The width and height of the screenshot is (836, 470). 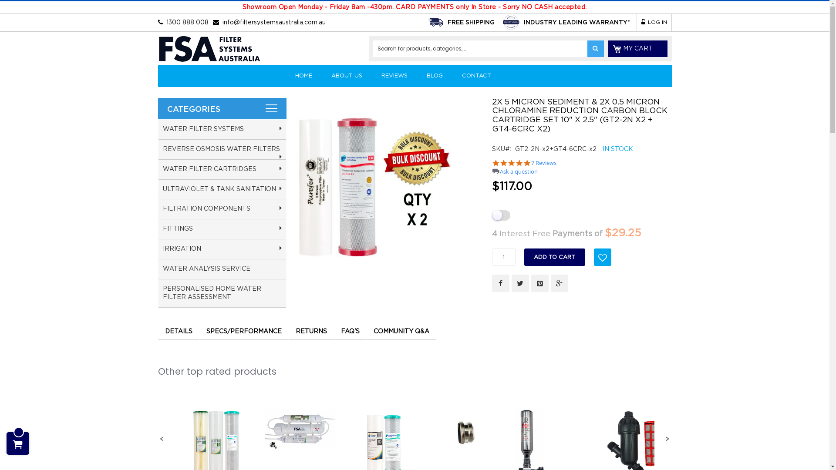 I want to click on 'FAQ'S', so click(x=350, y=331).